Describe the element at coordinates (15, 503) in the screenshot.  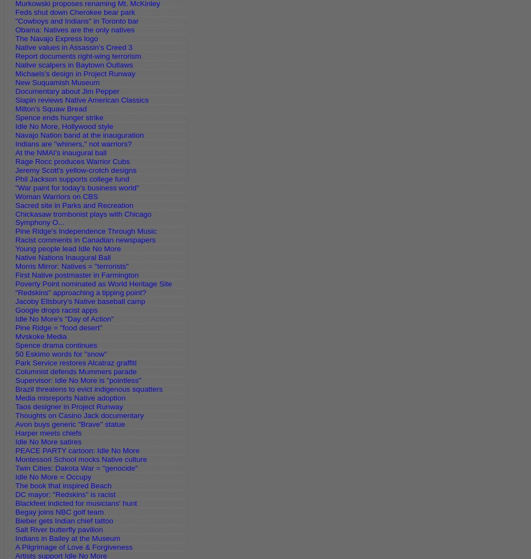
I see `'Blackfeet indicted for musicians' hunt'` at that location.